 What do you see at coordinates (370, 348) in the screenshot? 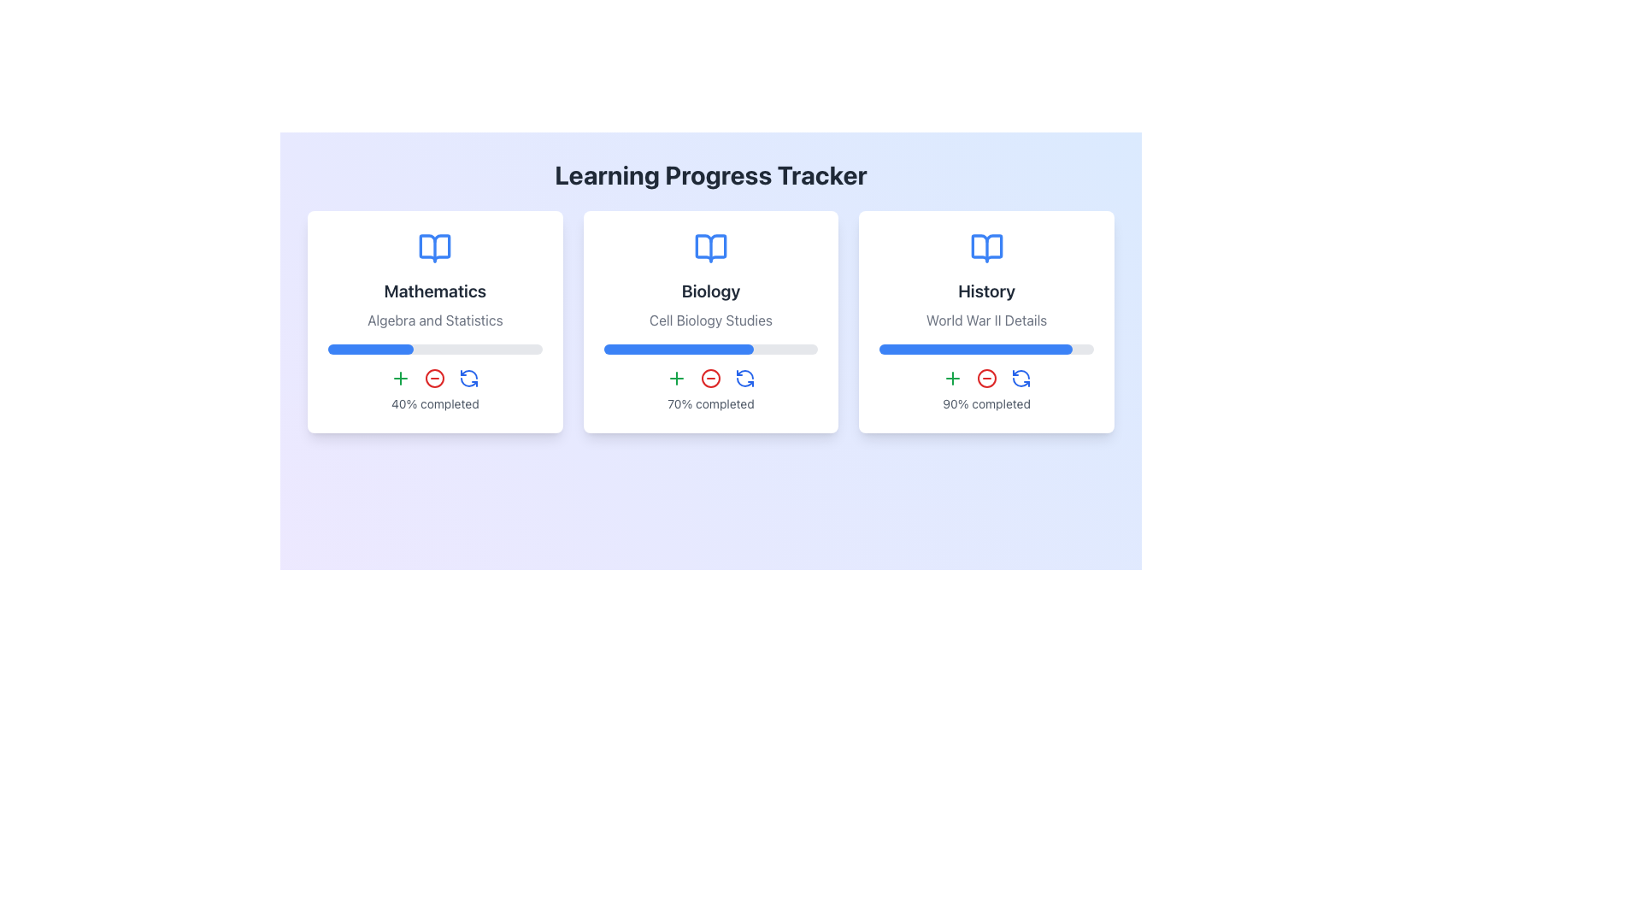
I see `the progress represented by the blue filled segment of the progress bar in the 'Mathematics' card, which occupies the first 40% of the bar` at bounding box center [370, 348].